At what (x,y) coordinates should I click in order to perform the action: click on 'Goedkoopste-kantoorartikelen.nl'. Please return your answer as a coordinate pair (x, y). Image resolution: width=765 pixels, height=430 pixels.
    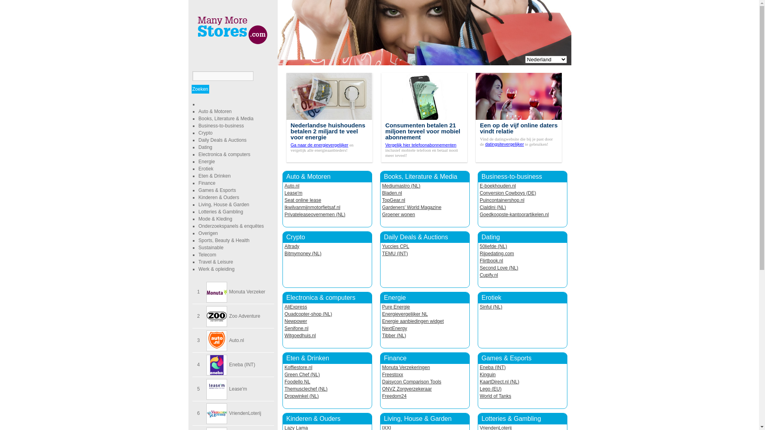
    Looking at the image, I should click on (479, 214).